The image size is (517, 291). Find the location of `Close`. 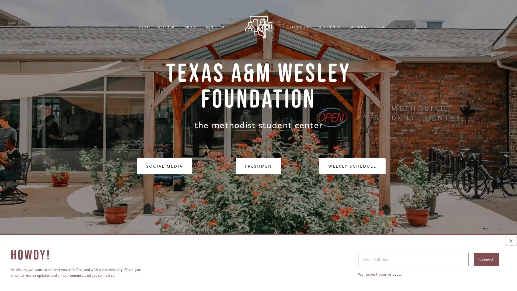

Close is located at coordinates (510, 240).